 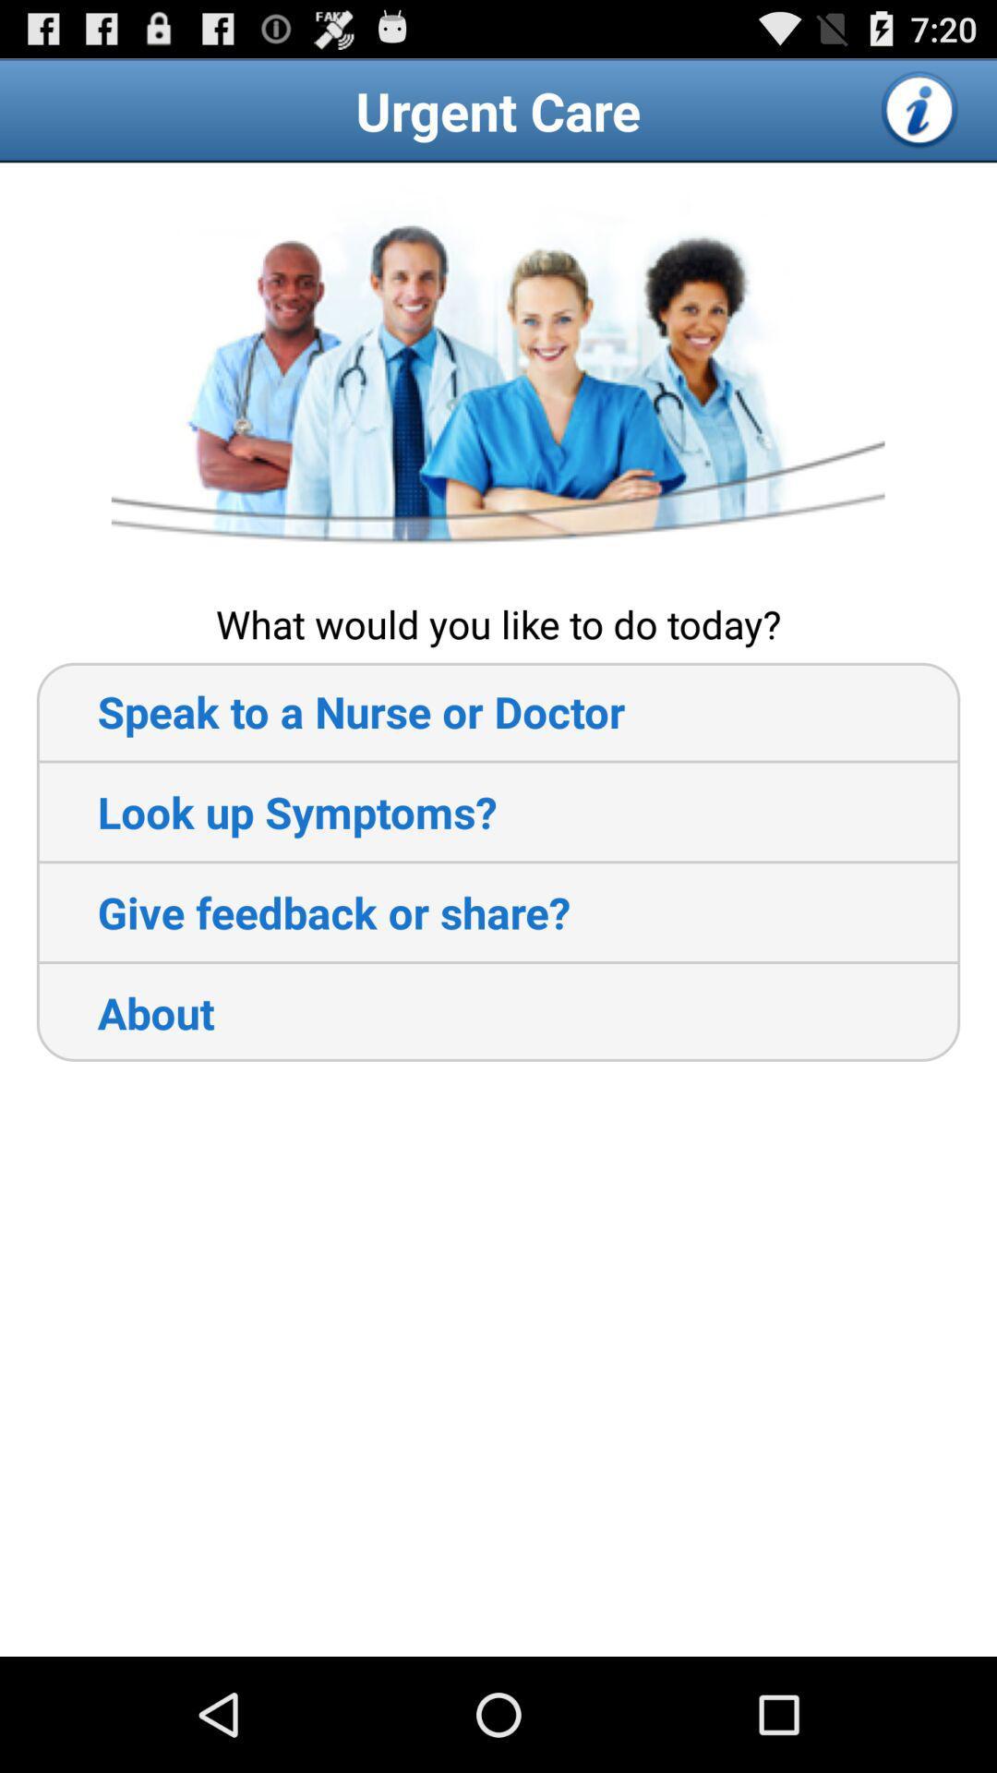 I want to click on item above the look up symptoms? icon, so click(x=330, y=710).